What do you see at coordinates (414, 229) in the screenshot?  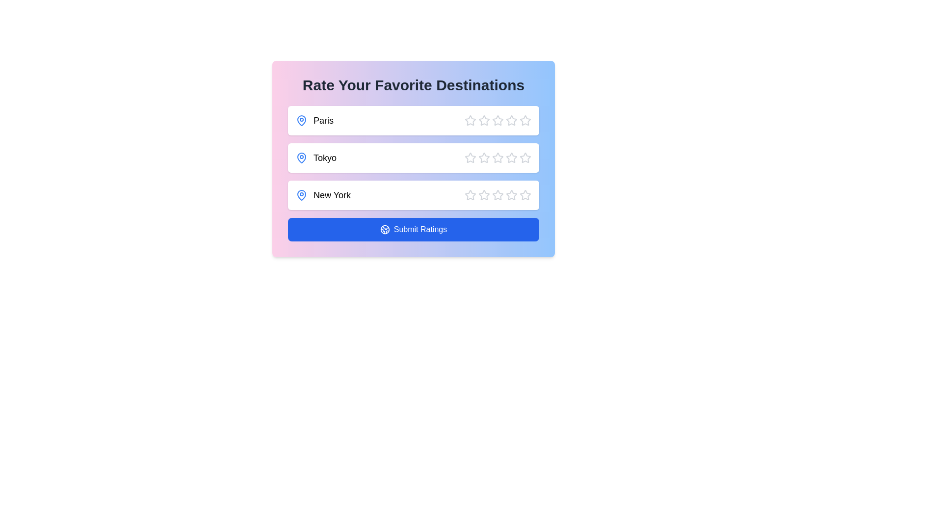 I see `the 'Submit Ratings' button to submit the ratings` at bounding box center [414, 229].